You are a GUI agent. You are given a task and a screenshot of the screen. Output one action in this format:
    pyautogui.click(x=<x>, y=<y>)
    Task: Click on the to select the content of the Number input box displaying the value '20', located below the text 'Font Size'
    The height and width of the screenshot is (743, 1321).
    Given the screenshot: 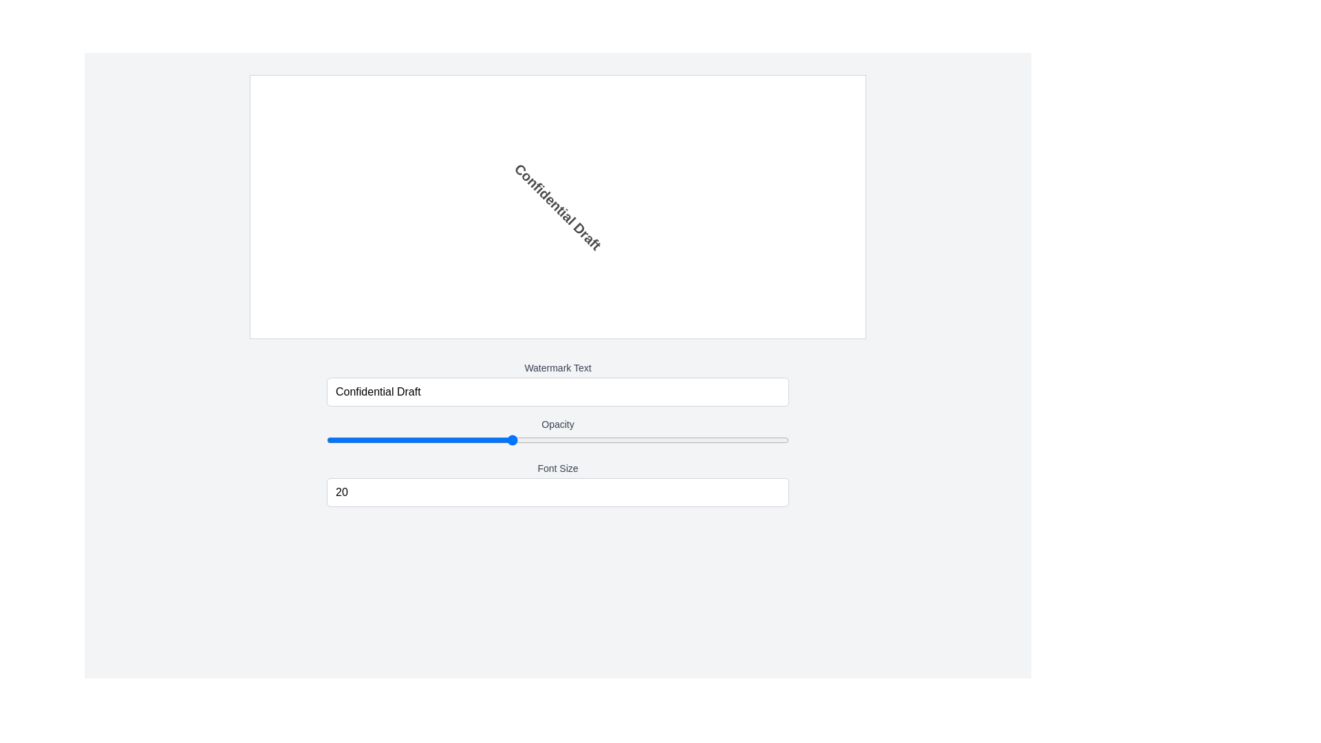 What is the action you would take?
    pyautogui.click(x=558, y=492)
    